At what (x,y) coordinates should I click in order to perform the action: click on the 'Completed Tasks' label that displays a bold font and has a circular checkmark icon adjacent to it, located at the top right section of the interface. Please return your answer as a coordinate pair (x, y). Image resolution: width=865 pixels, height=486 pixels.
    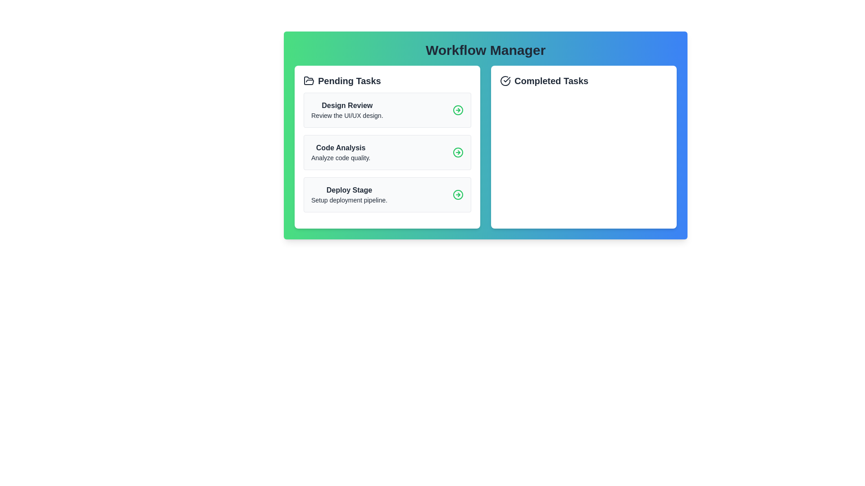
    Looking at the image, I should click on (584, 81).